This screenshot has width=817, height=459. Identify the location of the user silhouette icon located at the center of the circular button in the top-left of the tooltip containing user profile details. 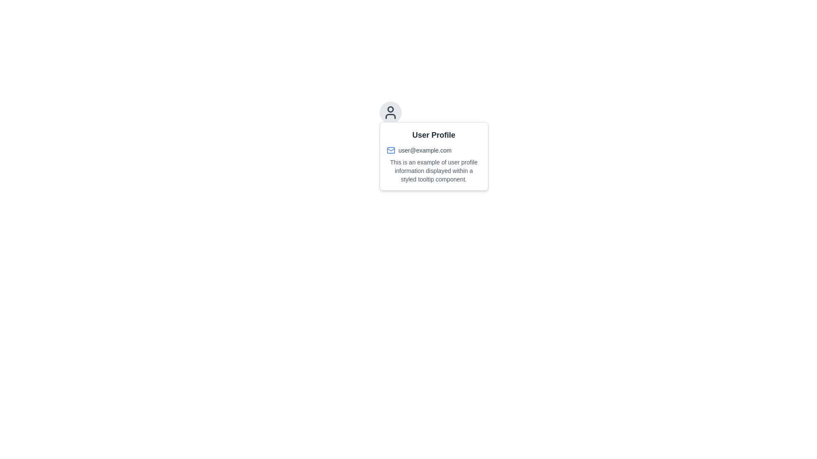
(390, 112).